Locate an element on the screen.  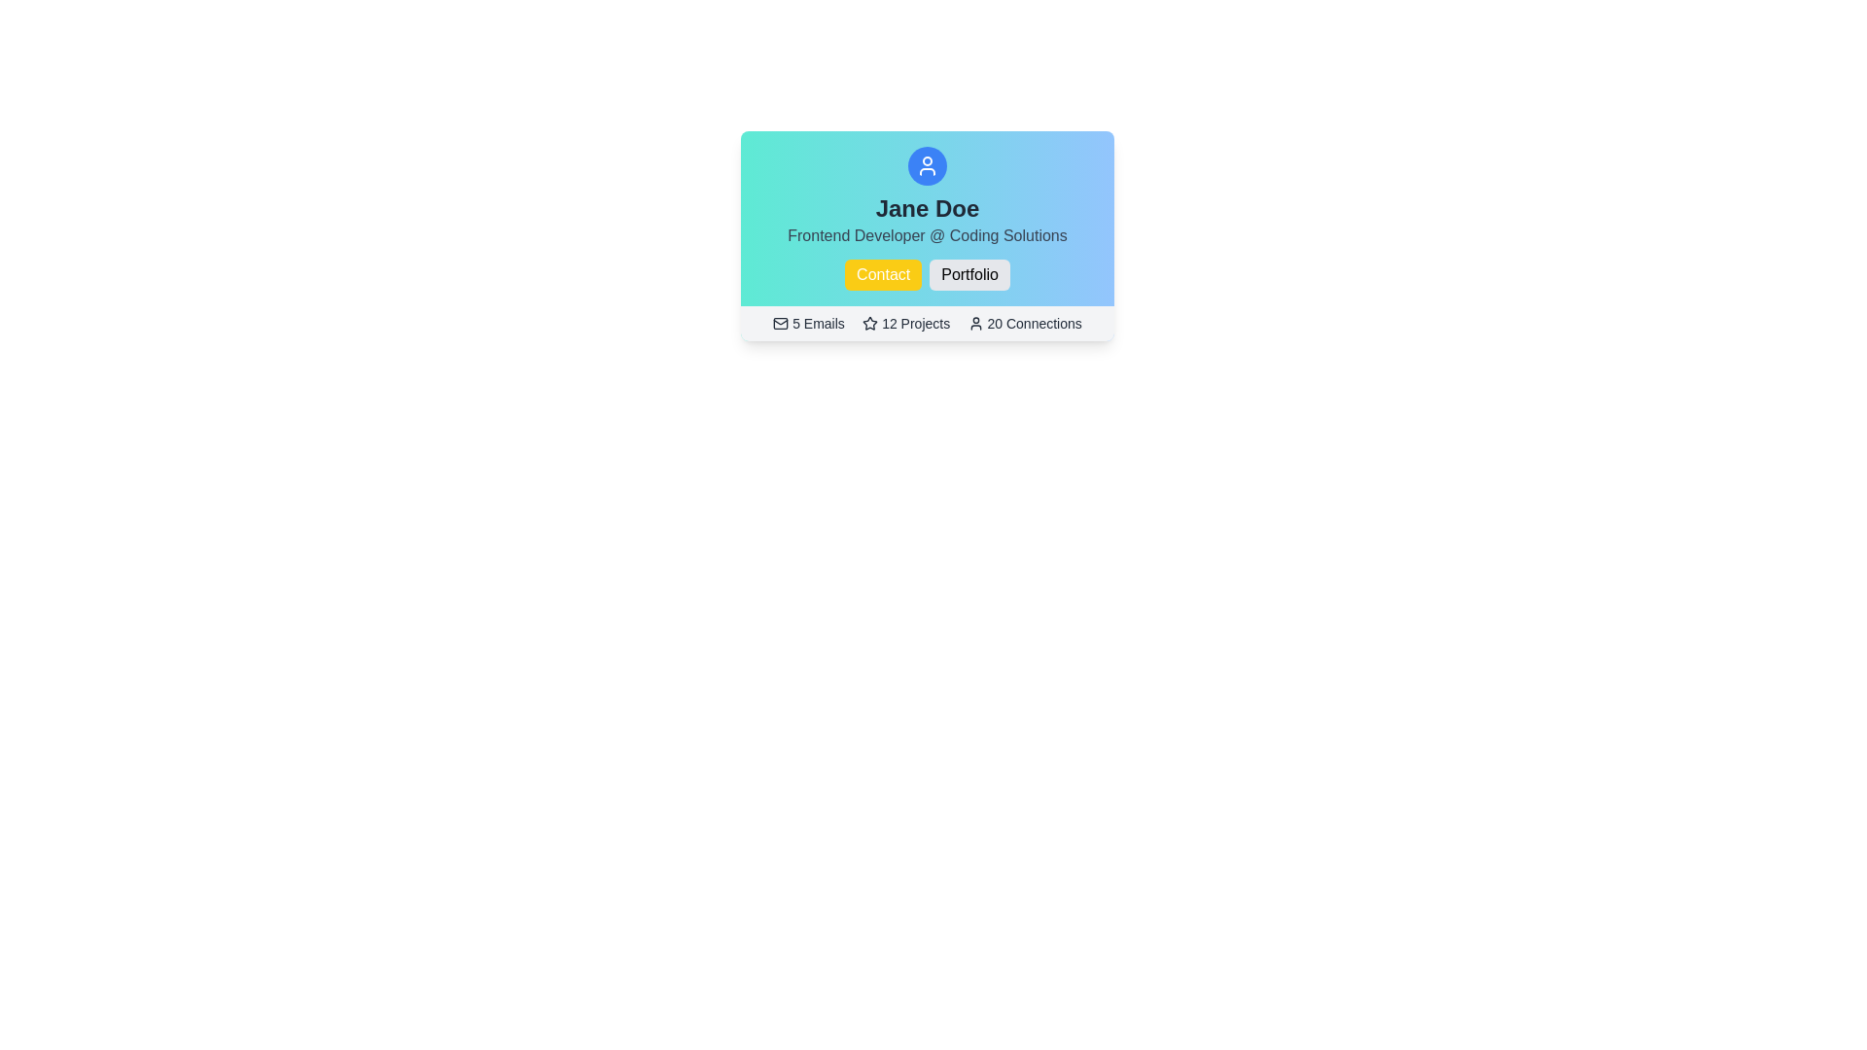
the informational Text with icons row that summarizes the user's activity, located below the 'Contact' and 'Portfolio' buttons is located at coordinates (927, 322).